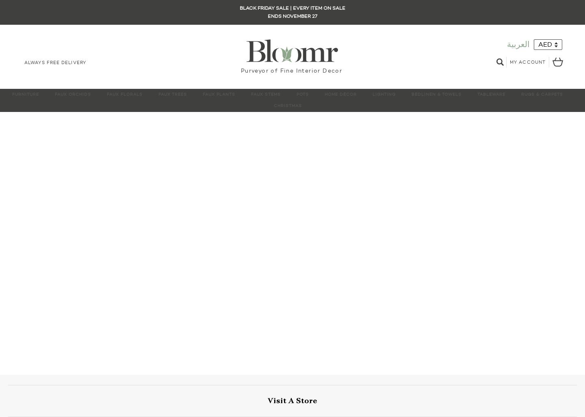  What do you see at coordinates (172, 94) in the screenshot?
I see `'Faux Trees'` at bounding box center [172, 94].